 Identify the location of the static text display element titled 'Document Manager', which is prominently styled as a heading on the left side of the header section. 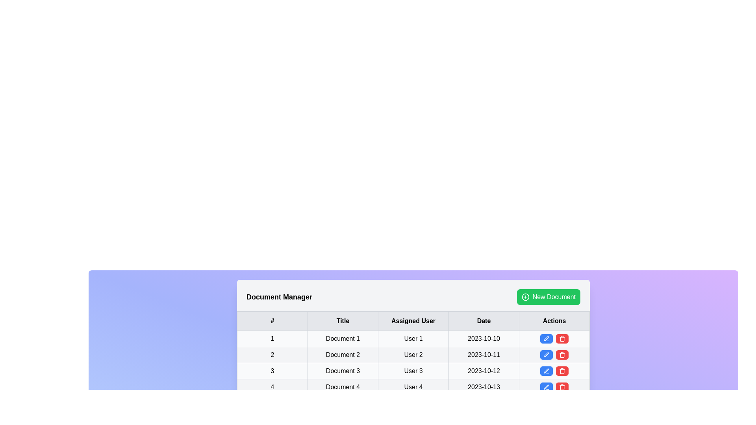
(279, 297).